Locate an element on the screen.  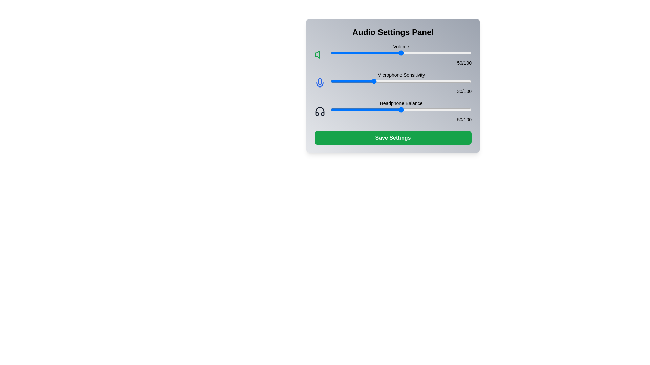
microphone sensitivity is located at coordinates (438, 81).